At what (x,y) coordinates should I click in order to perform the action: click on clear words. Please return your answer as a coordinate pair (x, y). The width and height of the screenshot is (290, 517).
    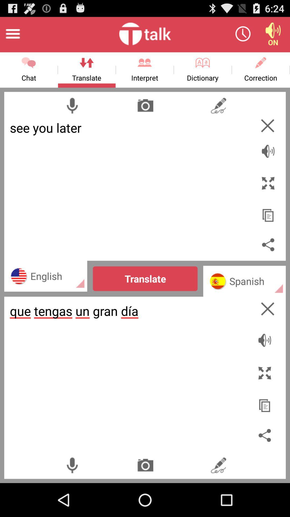
    Looking at the image, I should click on (267, 125).